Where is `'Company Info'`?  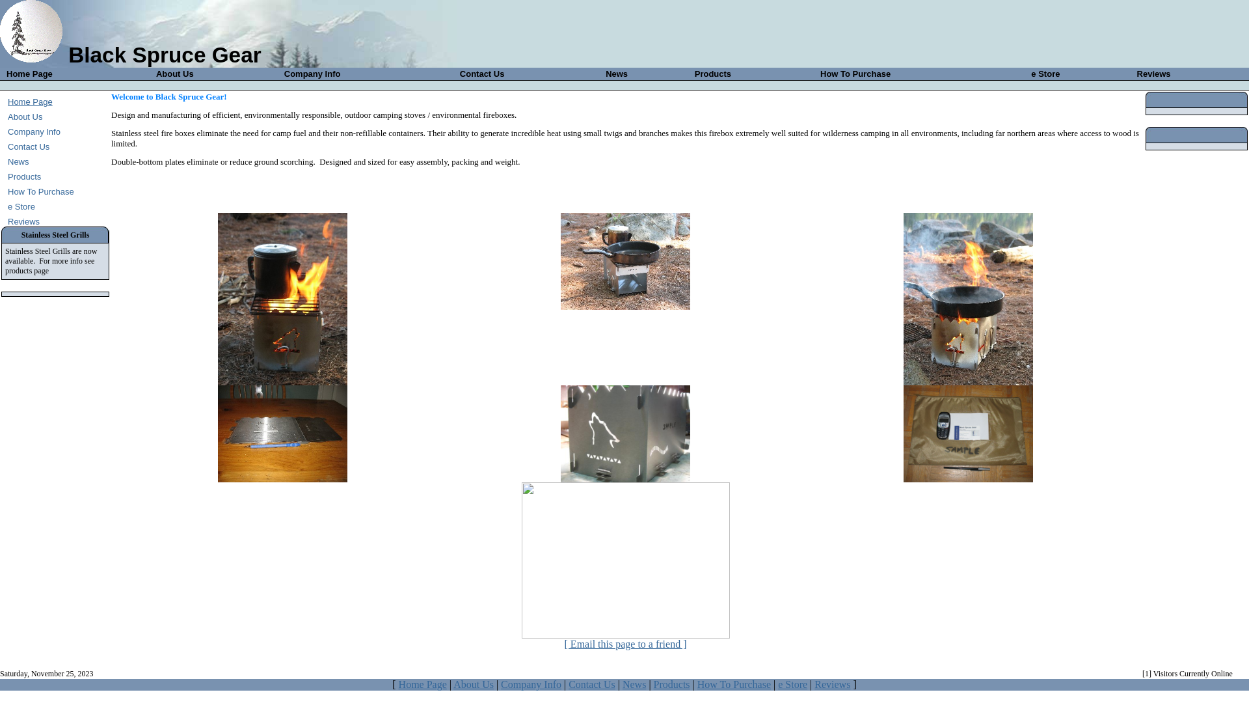
'Company Info' is located at coordinates (34, 131).